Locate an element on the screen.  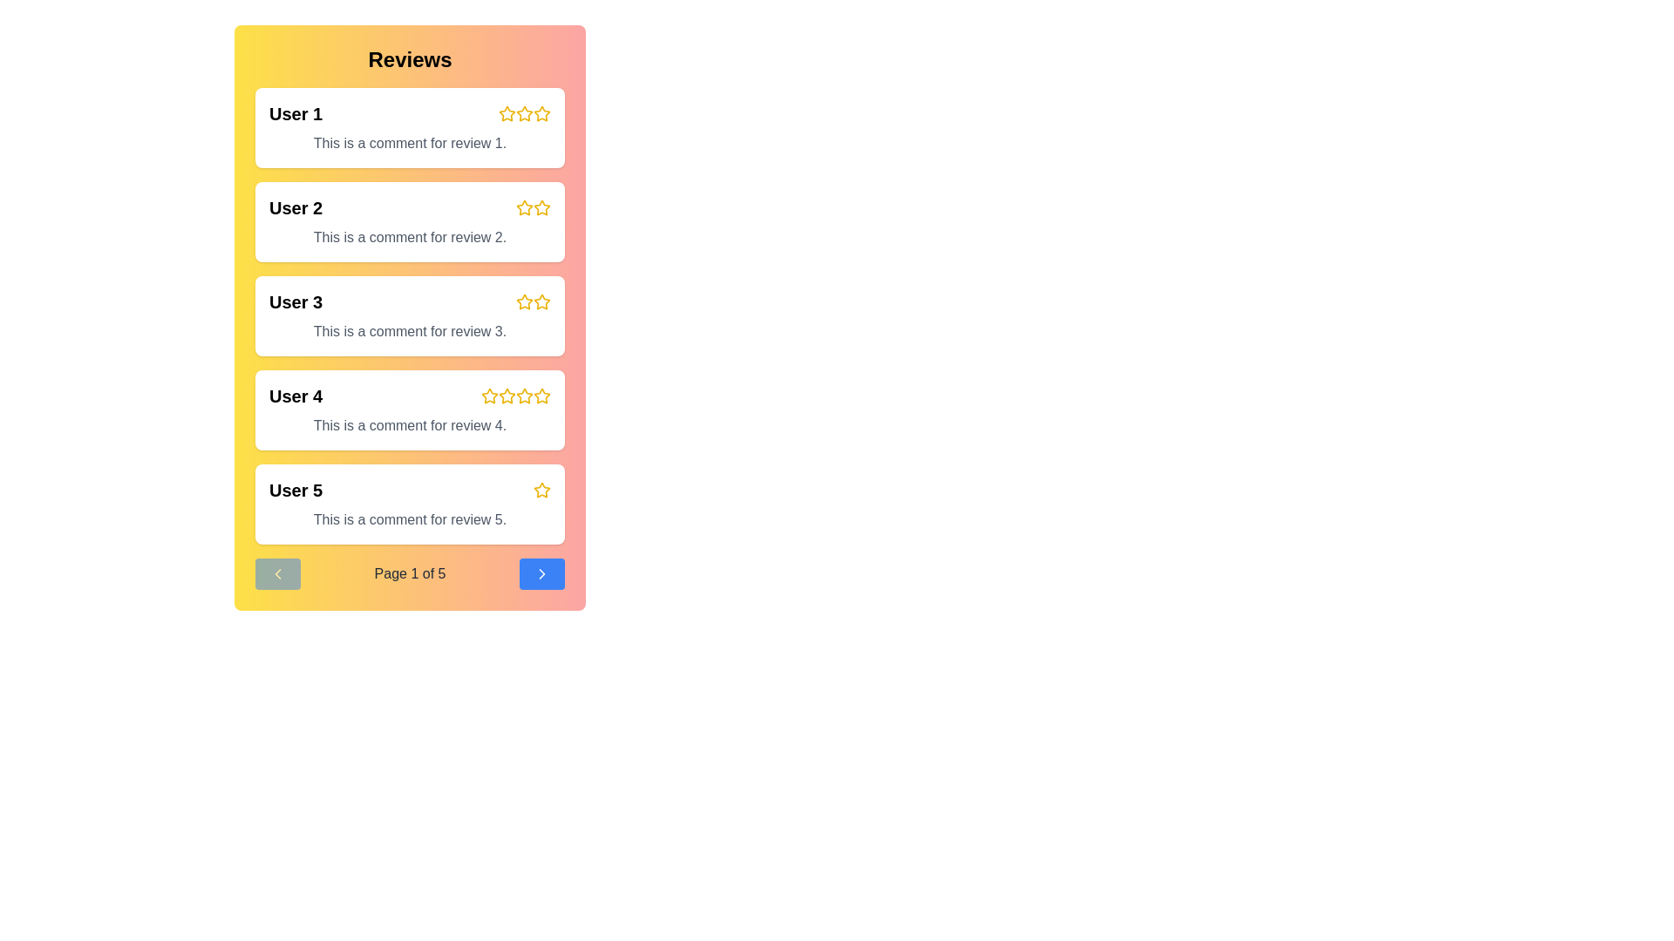
the first star icon in the horizontal row of five stars under the 'User 1' review entry to rate it is located at coordinates (506, 113).